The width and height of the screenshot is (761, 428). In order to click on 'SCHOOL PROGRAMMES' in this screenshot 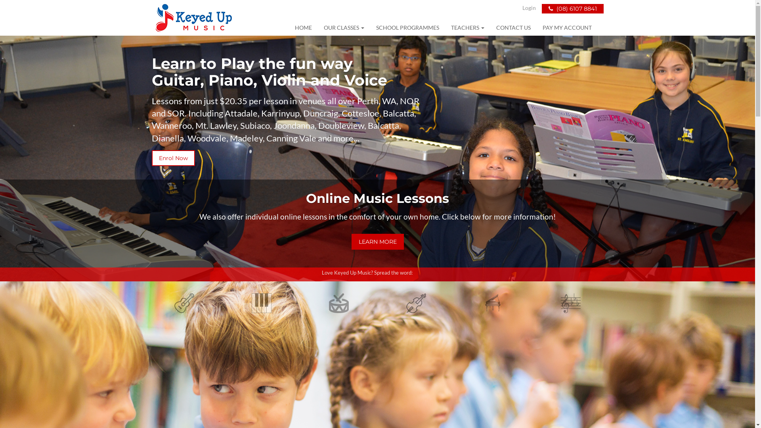, I will do `click(370, 27)`.